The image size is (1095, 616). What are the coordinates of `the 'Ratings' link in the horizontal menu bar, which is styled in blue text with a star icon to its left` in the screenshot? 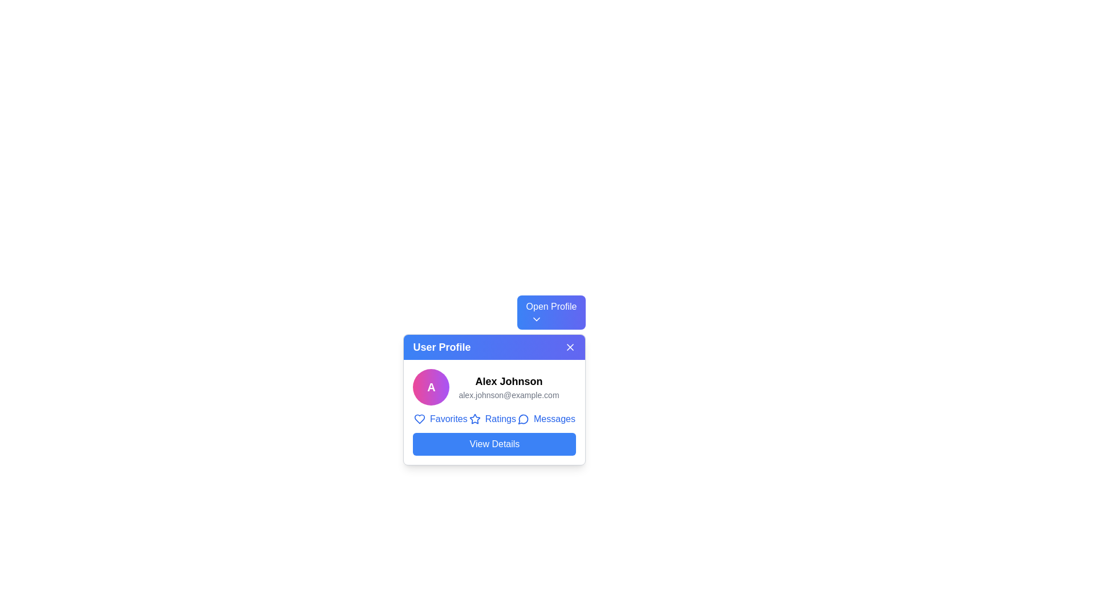 It's located at (492, 419).